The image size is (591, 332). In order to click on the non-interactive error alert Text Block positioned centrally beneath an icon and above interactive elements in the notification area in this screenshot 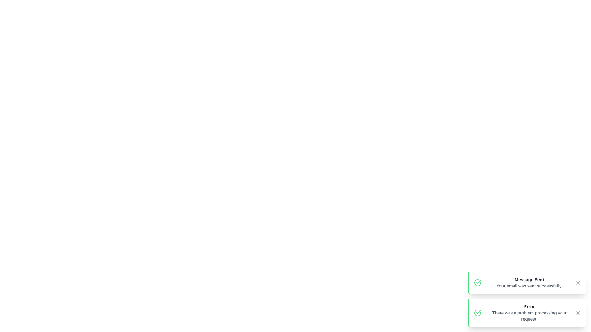, I will do `click(529, 313)`.